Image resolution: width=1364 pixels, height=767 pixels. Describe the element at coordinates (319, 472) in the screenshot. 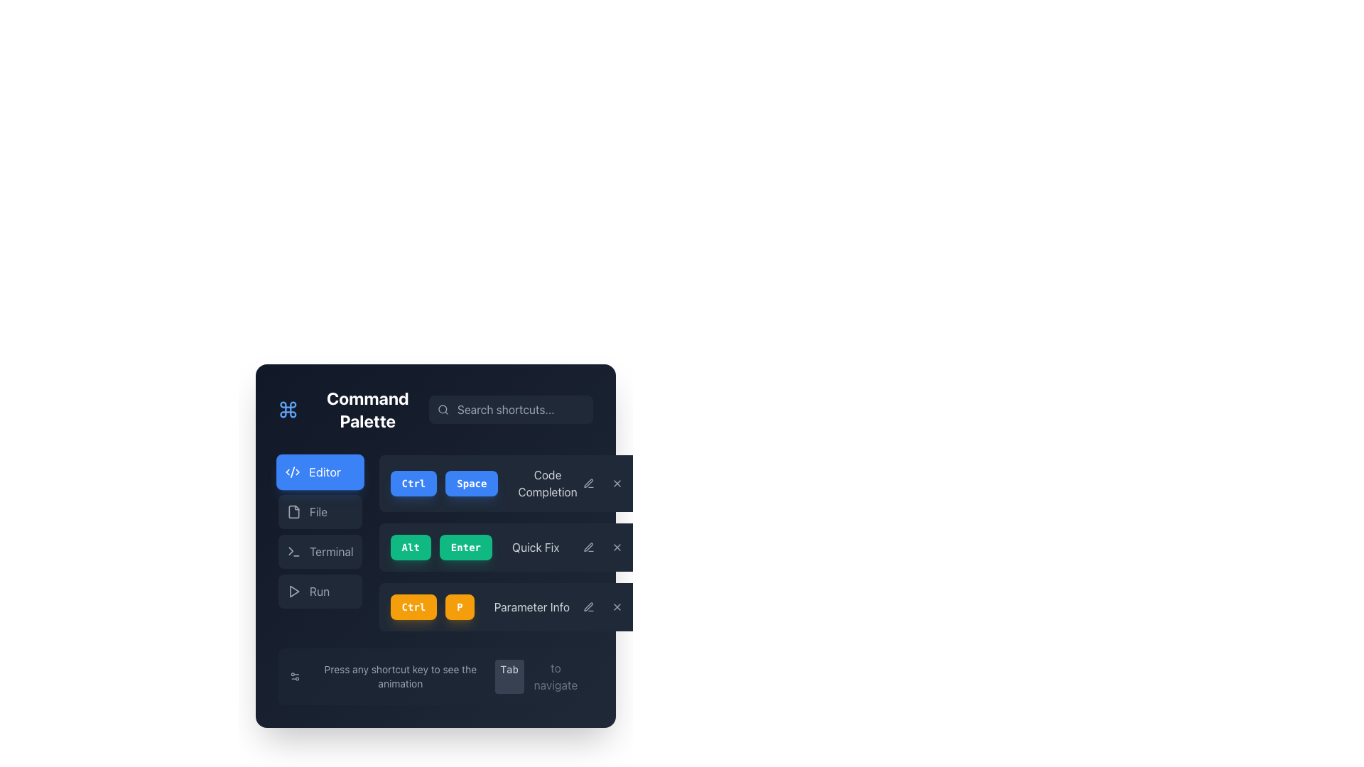

I see `the blue rectangular button labeled 'Editor' with a code brackets icon, located at the top of the vertical menu in the command palette` at that location.